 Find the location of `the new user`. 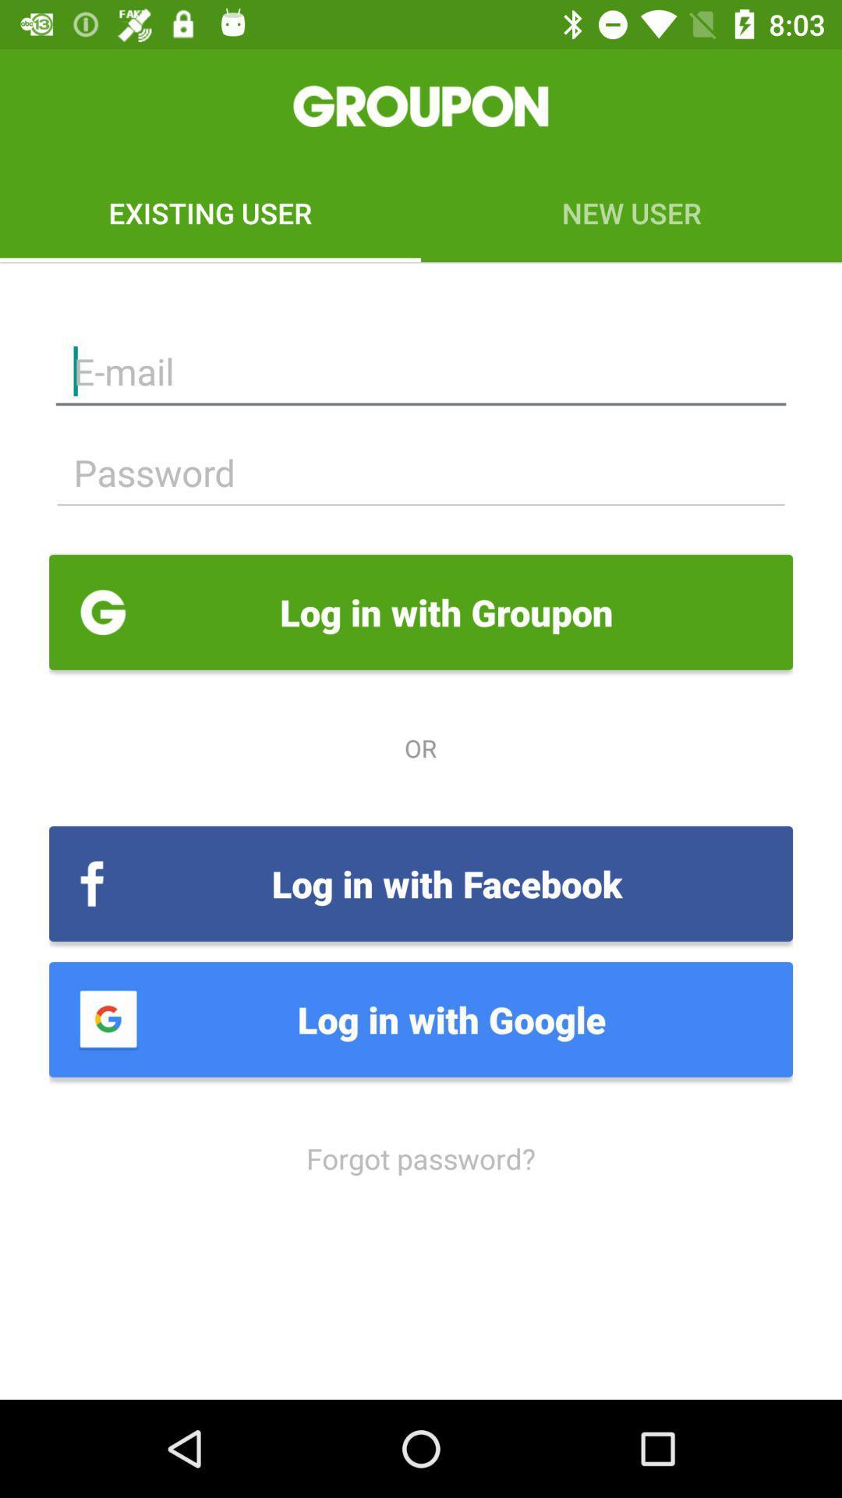

the new user is located at coordinates (631, 212).